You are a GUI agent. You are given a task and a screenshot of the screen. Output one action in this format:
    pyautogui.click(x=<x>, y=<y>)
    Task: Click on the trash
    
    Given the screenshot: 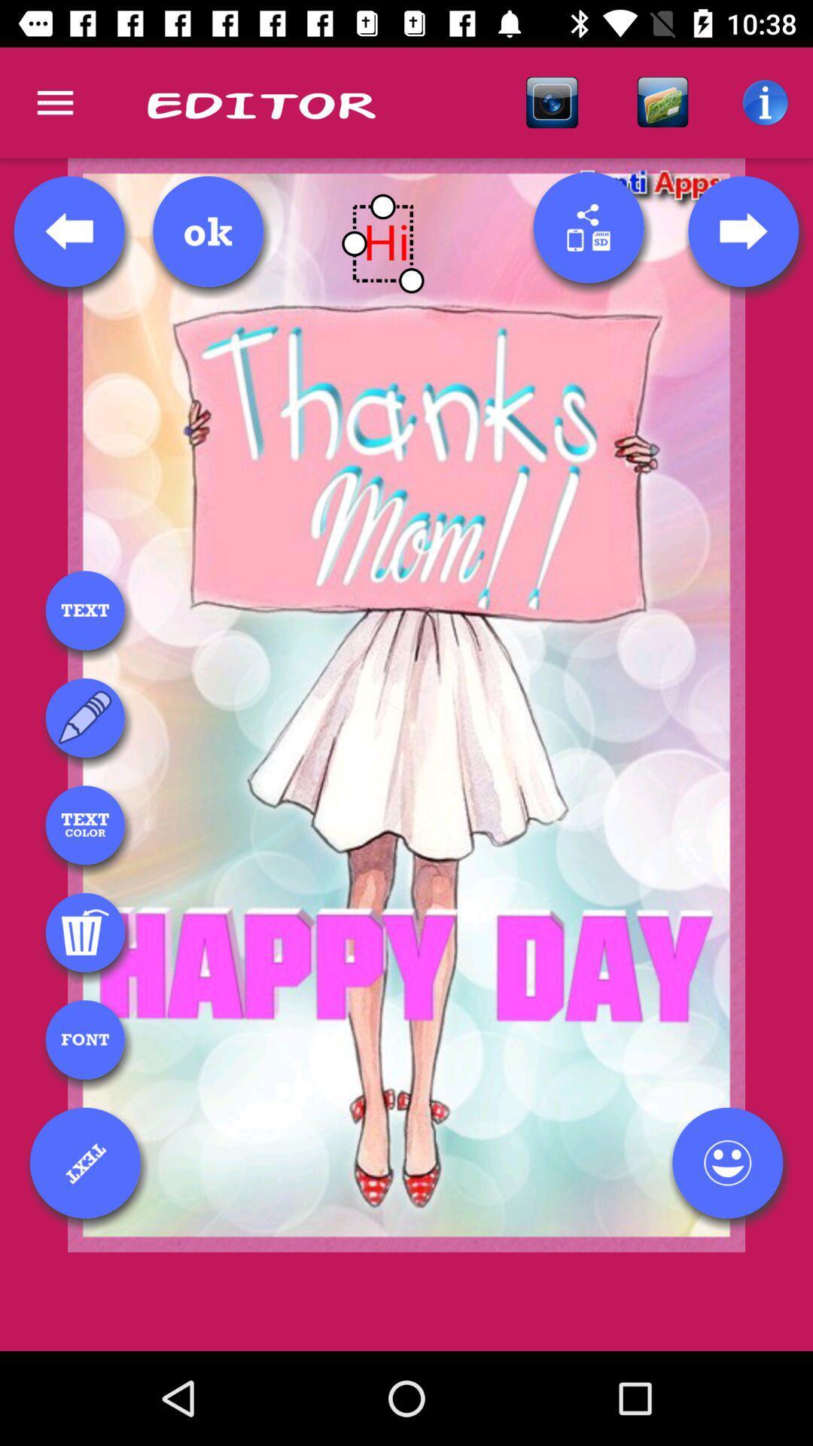 What is the action you would take?
    pyautogui.click(x=85, y=932)
    